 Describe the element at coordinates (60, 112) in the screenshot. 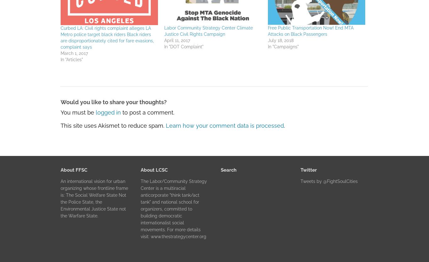

I see `'You must be'` at that location.